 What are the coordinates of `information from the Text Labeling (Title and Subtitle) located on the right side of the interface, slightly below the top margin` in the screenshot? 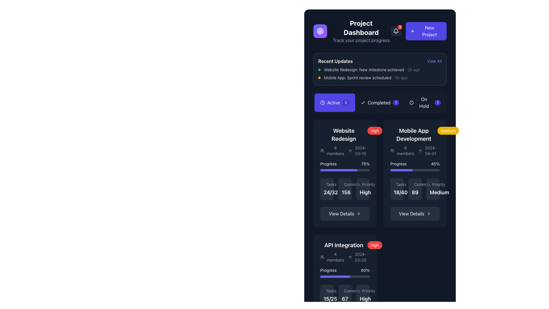 It's located at (361, 31).